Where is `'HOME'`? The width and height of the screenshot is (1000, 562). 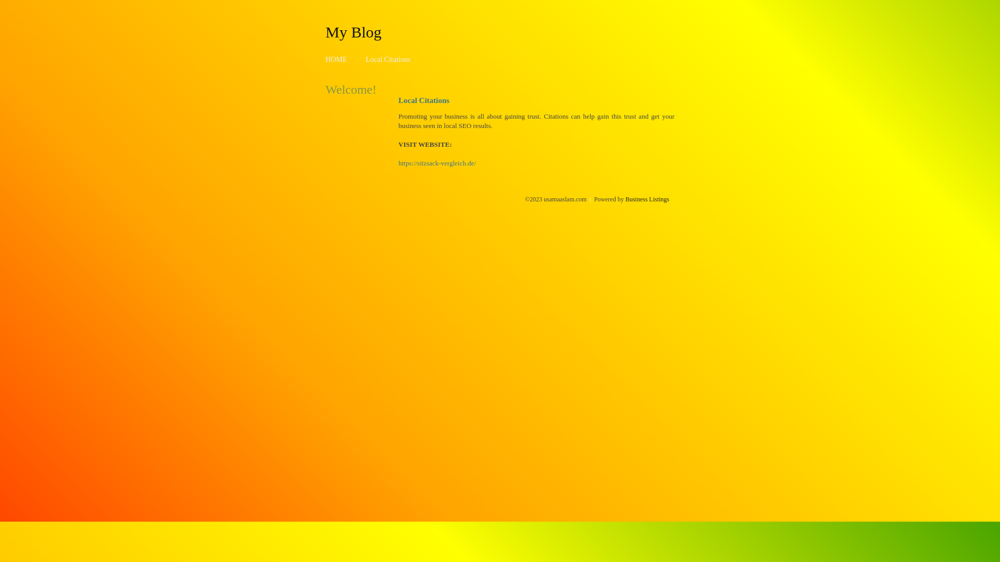
'HOME' is located at coordinates (336, 59).